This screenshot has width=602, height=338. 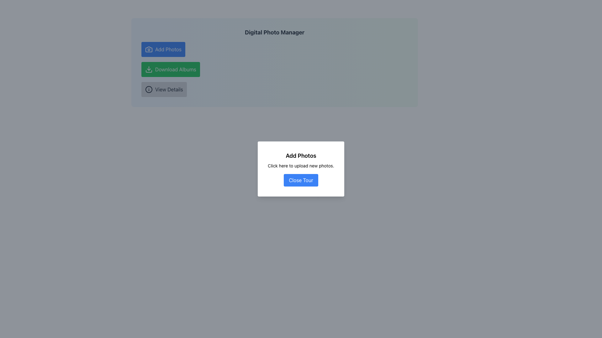 What do you see at coordinates (149, 49) in the screenshot?
I see `the icon representing the 'Add Photos' action, located to the left of the 'Add Photos' text` at bounding box center [149, 49].